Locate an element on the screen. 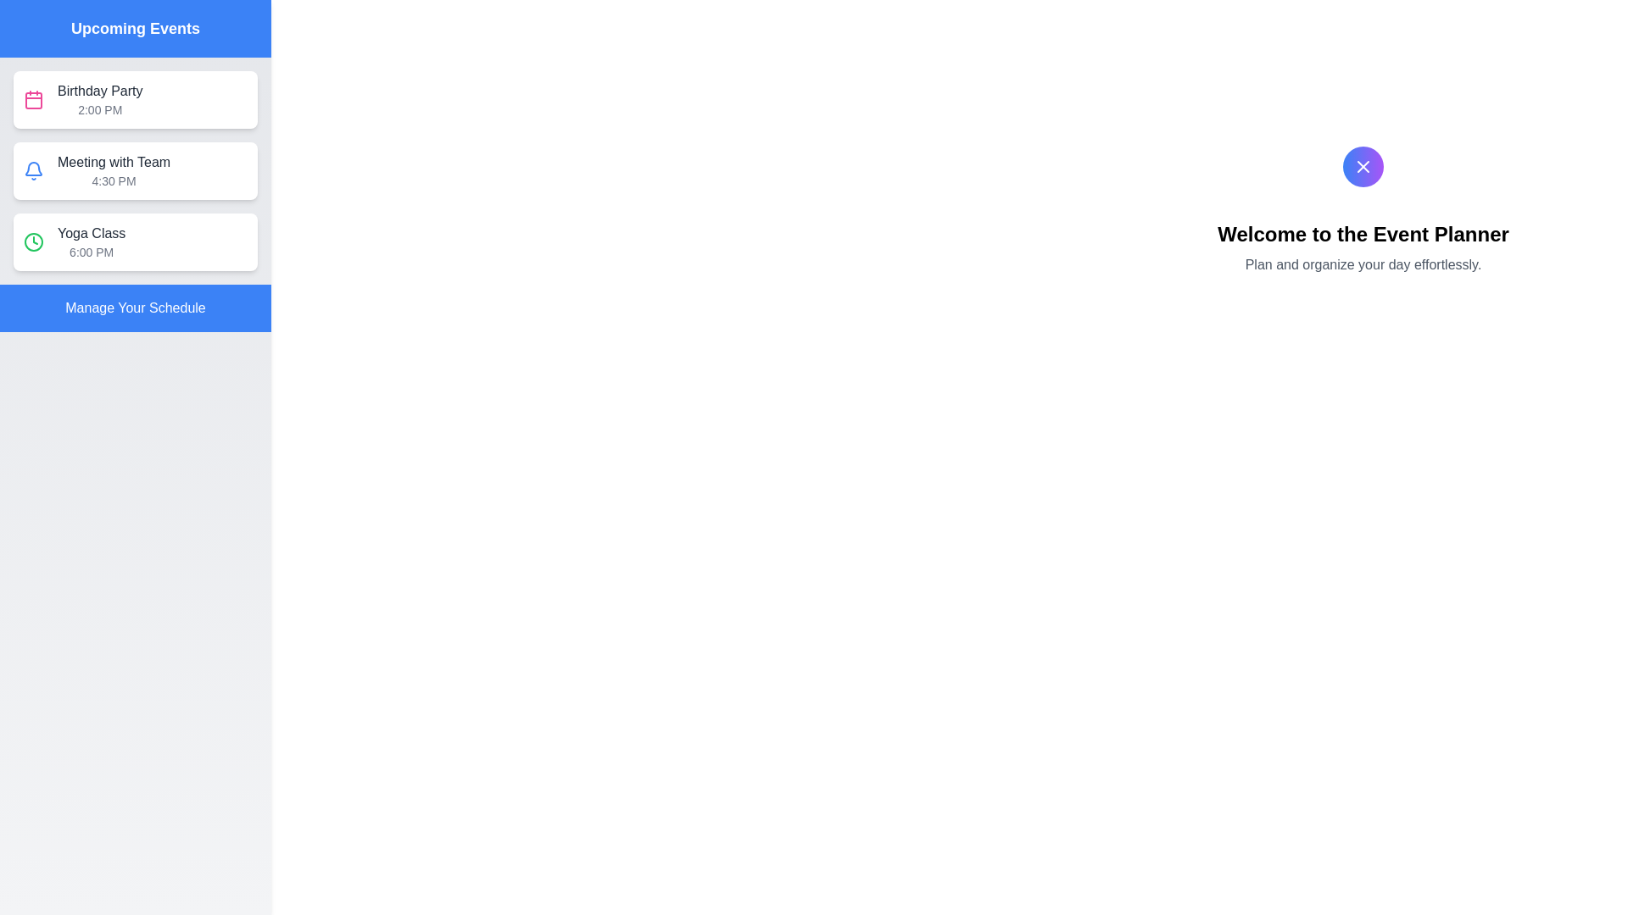 This screenshot has width=1628, height=915. the 'Yoga Class' text label in the 'Upcoming Events' sidebar, which is styled with a medium-weight font and grayish-black color, positioned above '6:00 PM' and to the right of a green clock icon is located at coordinates (91, 234).